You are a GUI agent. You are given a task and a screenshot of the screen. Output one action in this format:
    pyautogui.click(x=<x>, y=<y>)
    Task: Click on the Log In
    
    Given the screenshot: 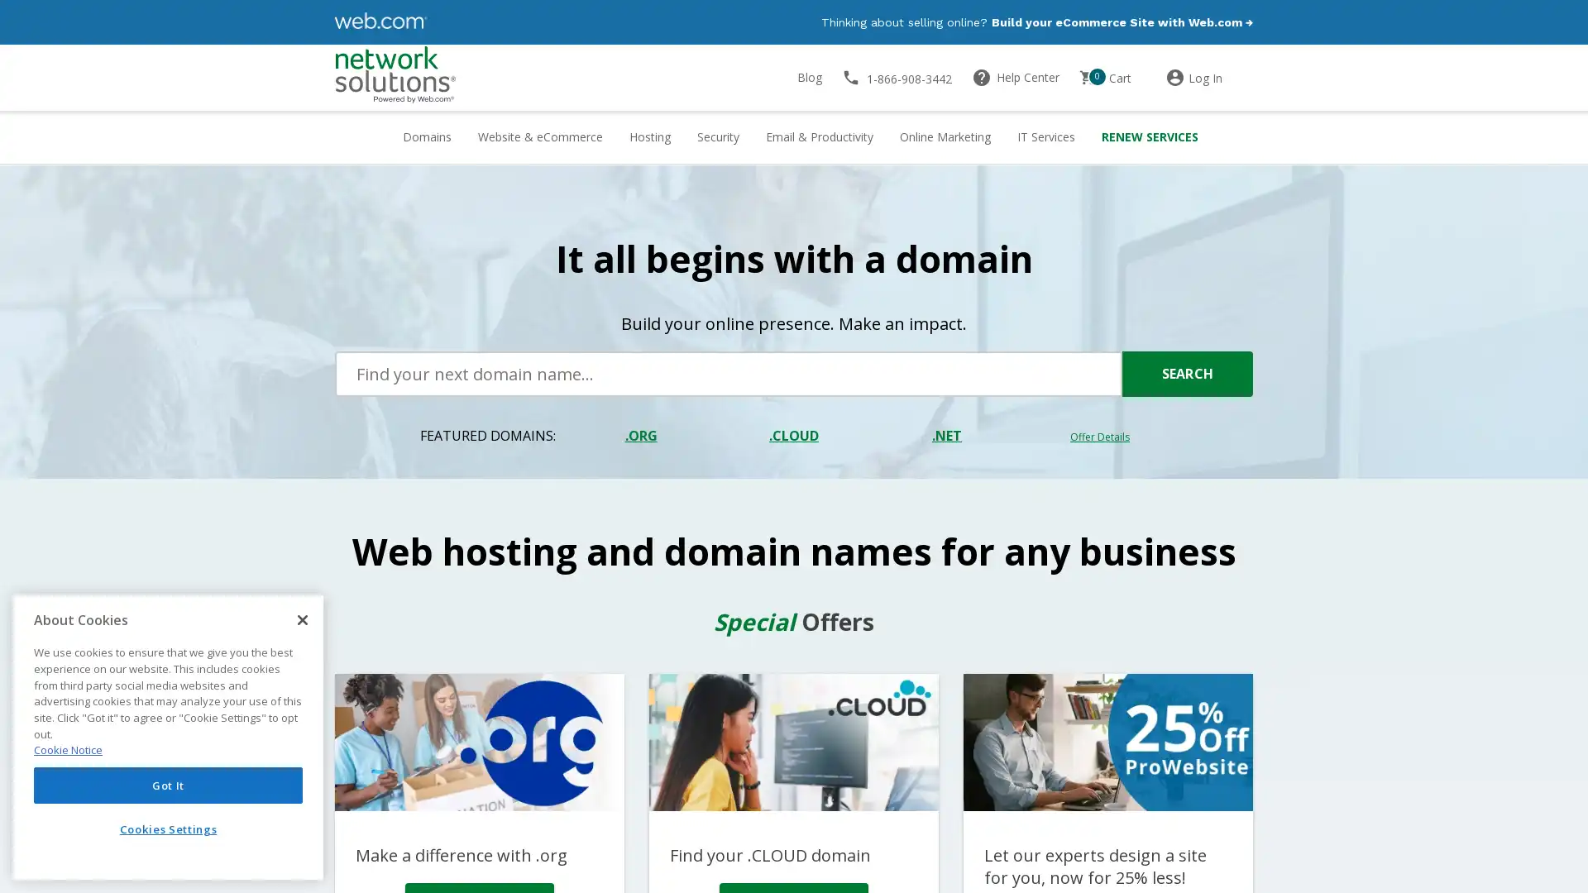 What is the action you would take?
    pyautogui.click(x=1208, y=76)
    